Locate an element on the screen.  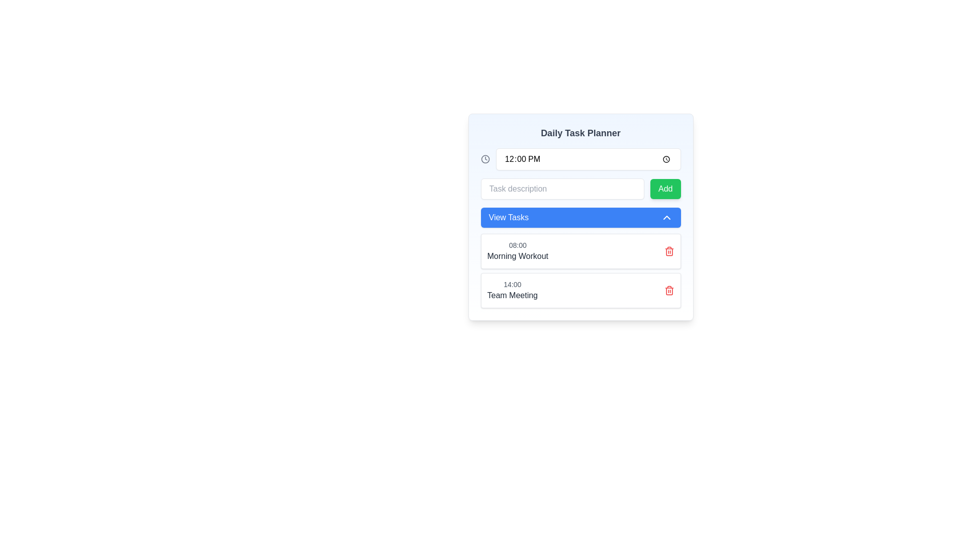
the time label indicating the scheduled time for the 'Team Meeting' task, positioned at the top-left corner of the task card is located at coordinates (512, 285).